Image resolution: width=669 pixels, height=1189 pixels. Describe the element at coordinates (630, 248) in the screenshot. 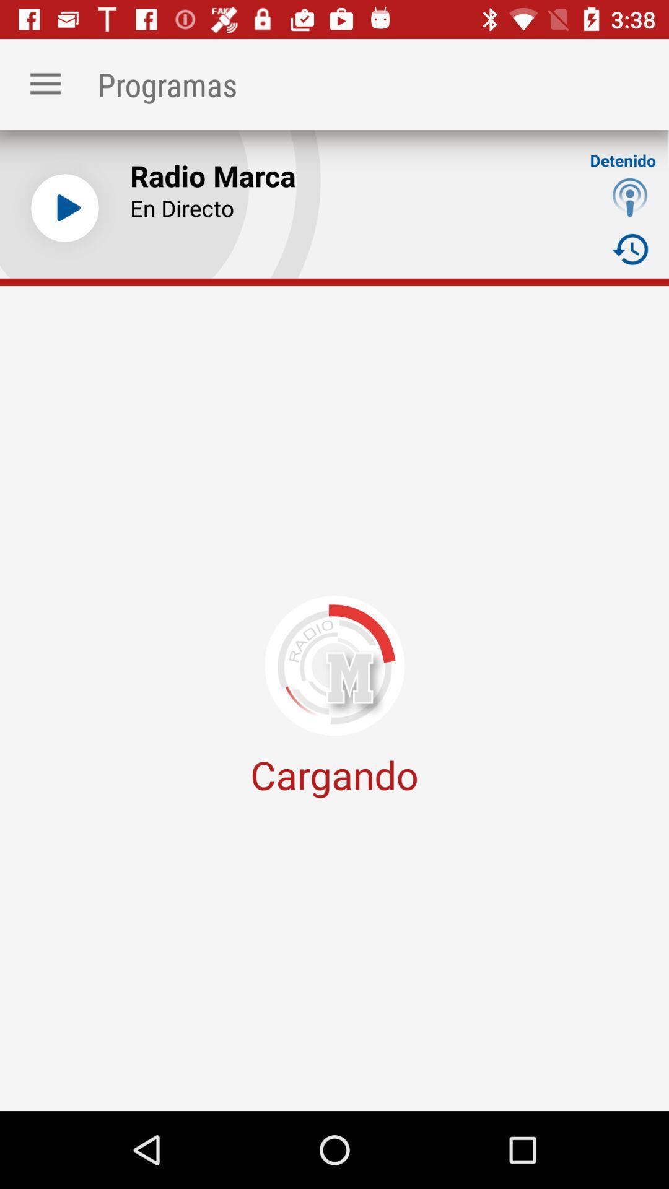

I see `the history icon` at that location.